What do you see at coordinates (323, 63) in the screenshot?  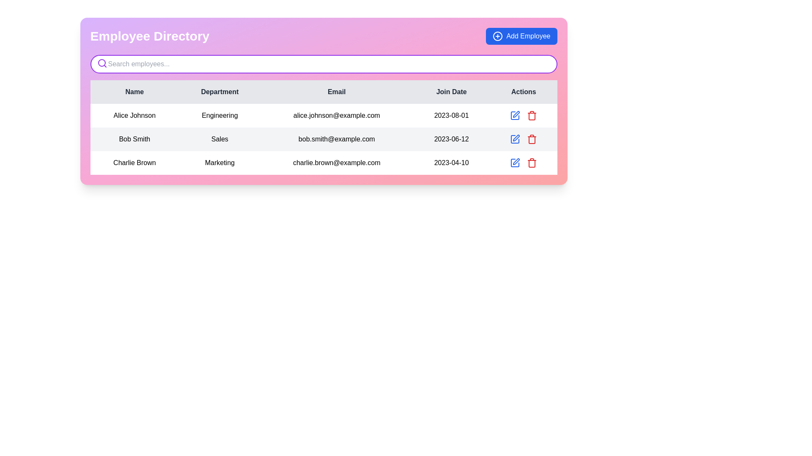 I see `the search bar styled with a rounded outline and a soft purple border, located under 'Employee Directory'` at bounding box center [323, 63].